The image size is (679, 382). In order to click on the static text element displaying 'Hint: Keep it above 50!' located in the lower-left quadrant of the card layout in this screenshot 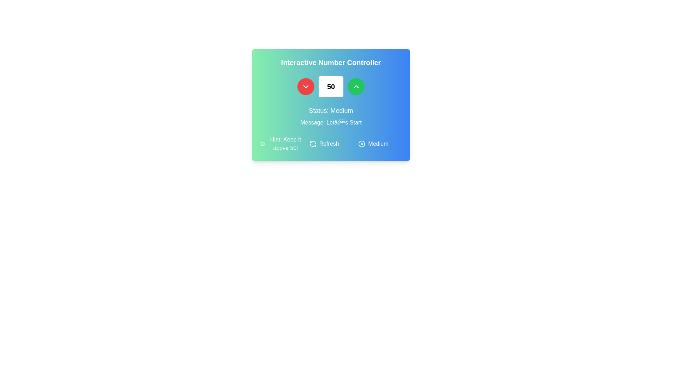, I will do `click(285, 144)`.